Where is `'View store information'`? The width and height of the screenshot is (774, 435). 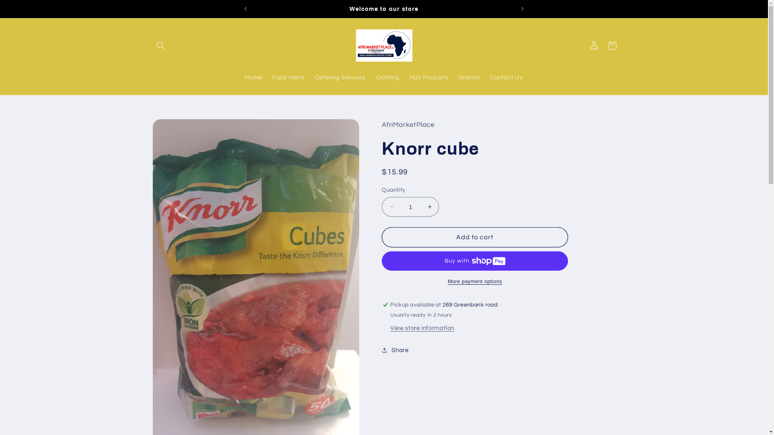 'View store information' is located at coordinates (422, 328).